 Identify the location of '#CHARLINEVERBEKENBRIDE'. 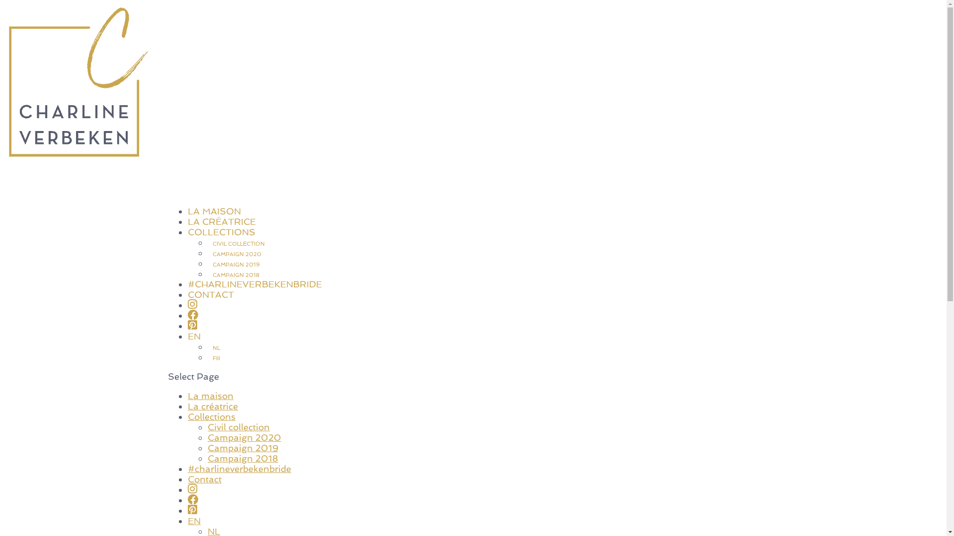
(188, 301).